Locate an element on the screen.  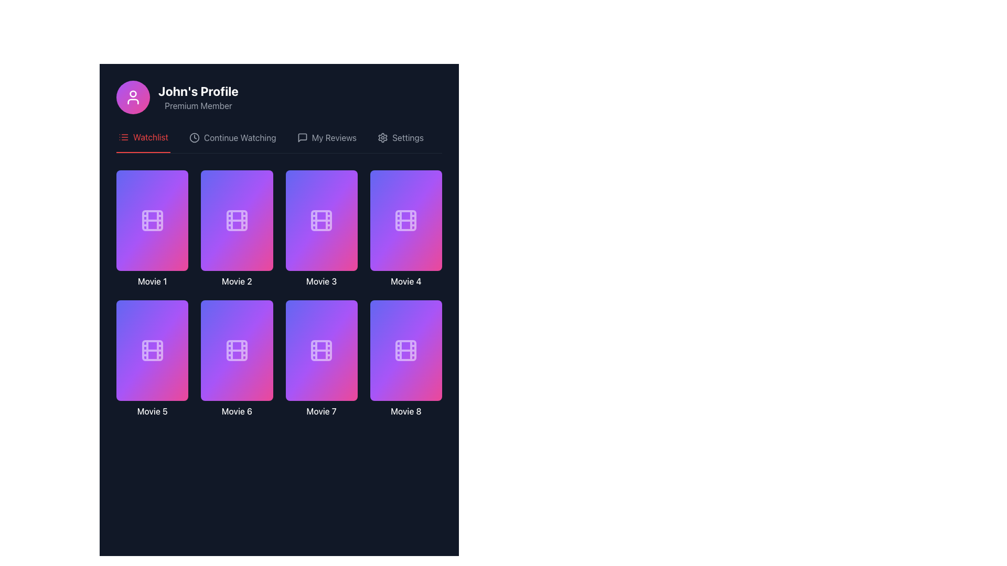
the decorative rectangular icon within the film roll icon on the media card labeled 'Movie 4', located in the second row, fourth column of the grid is located at coordinates (405, 220).